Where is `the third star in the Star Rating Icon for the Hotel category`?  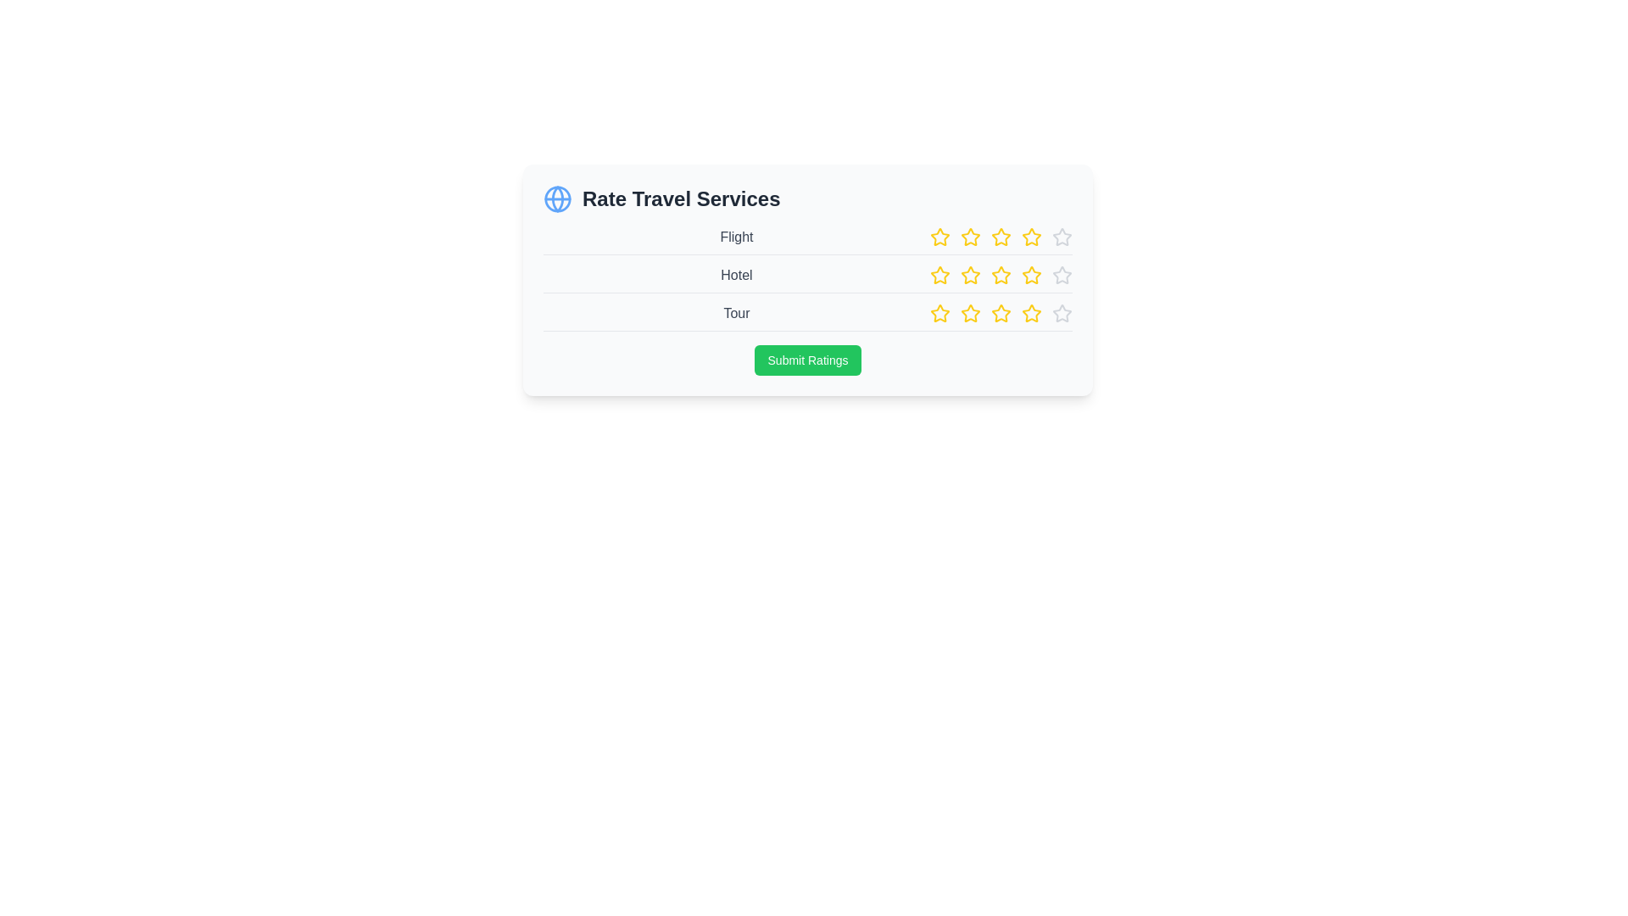
the third star in the Star Rating Icon for the Hotel category is located at coordinates (1001, 274).